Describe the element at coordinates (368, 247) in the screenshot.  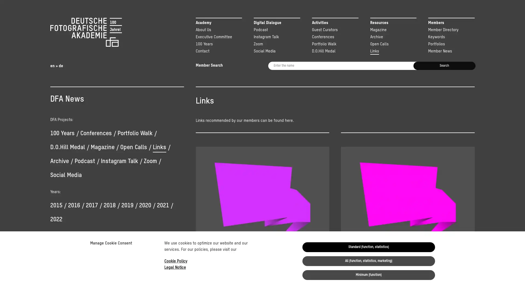
I see `Standard (function, statistics)` at that location.